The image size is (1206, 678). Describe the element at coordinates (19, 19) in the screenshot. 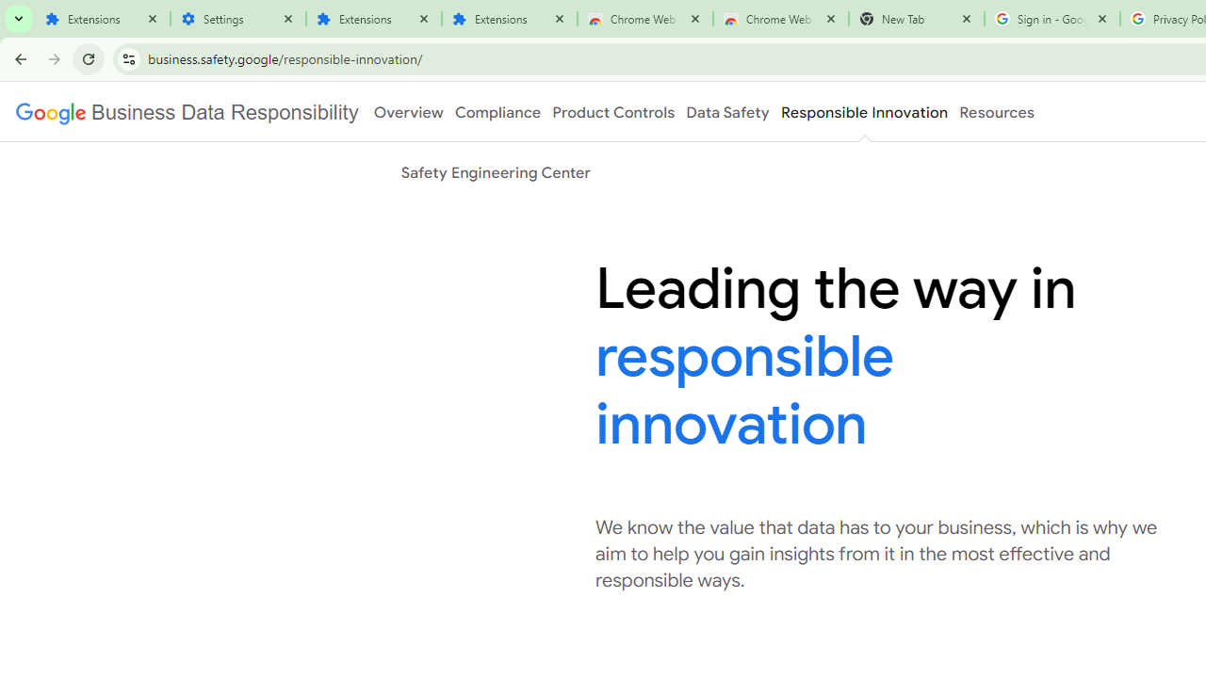

I see `'Search tabs'` at that location.